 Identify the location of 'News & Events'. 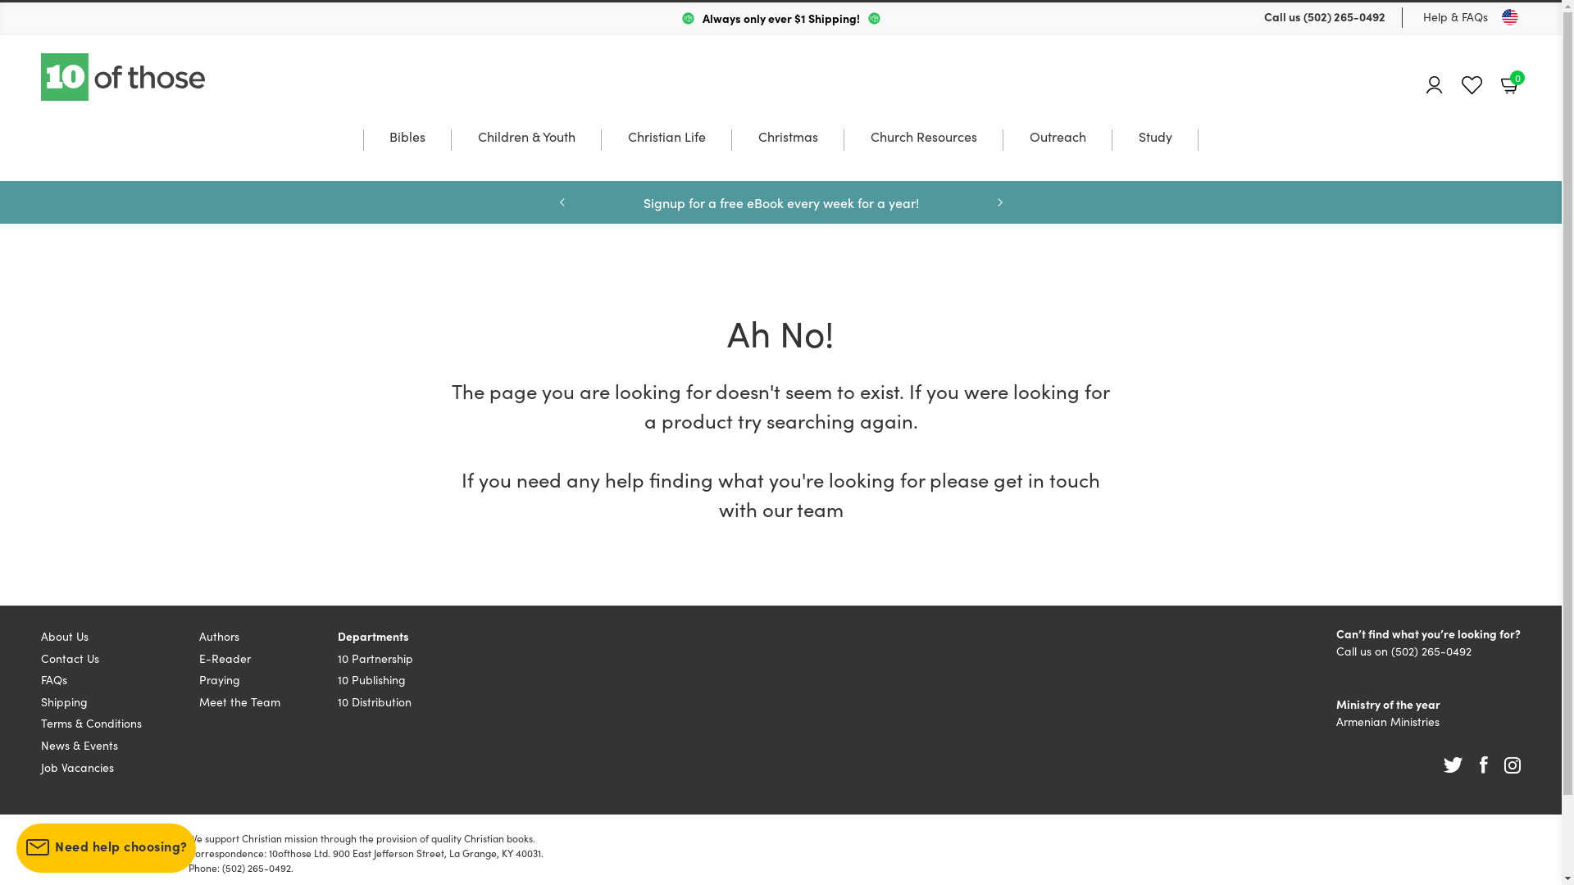
(78, 745).